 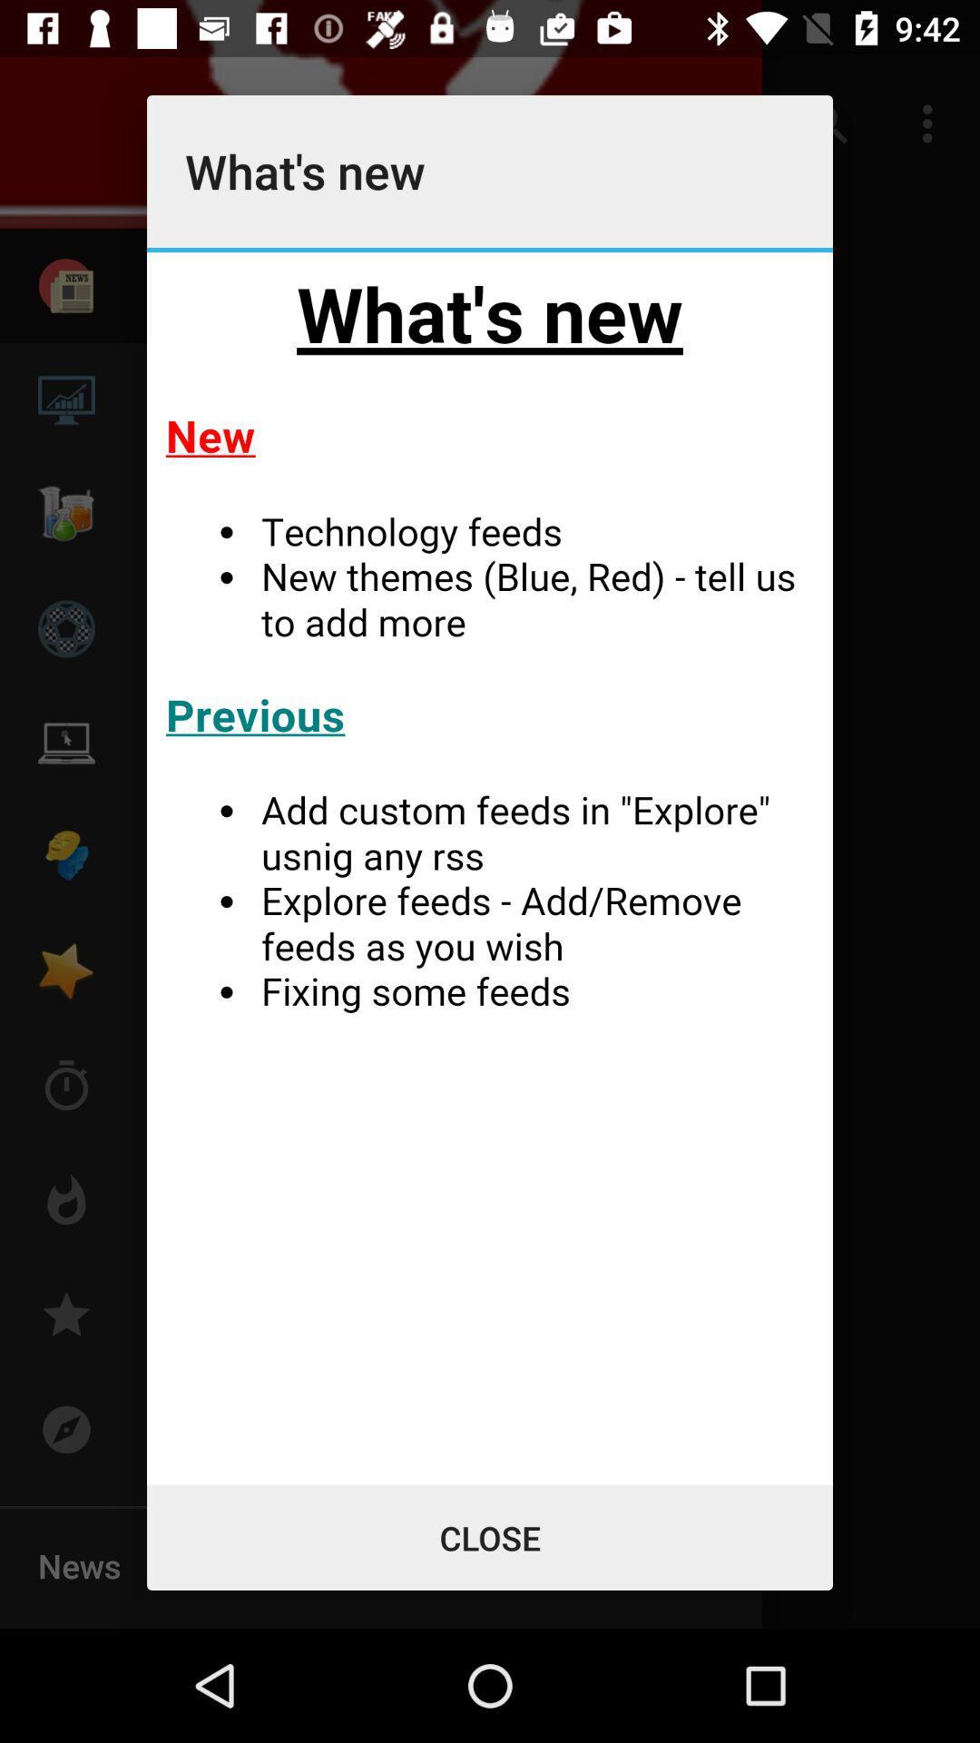 What do you see at coordinates (490, 867) in the screenshot?
I see `whats new pop up` at bounding box center [490, 867].